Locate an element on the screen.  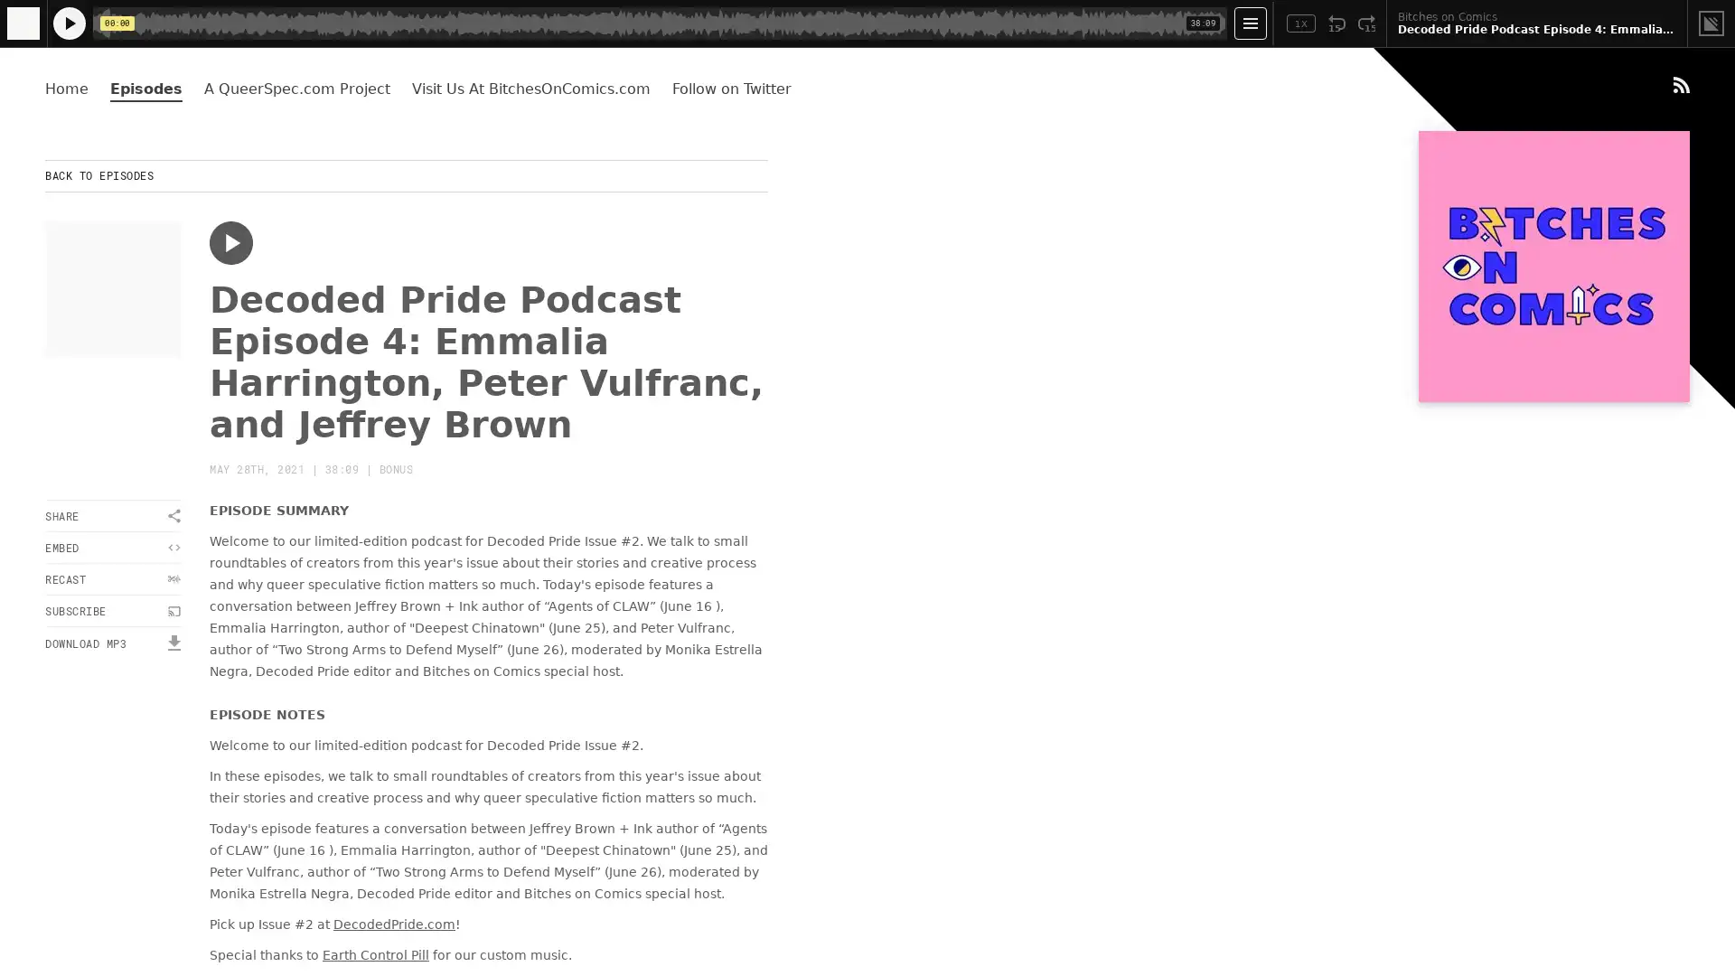
BACK TO EPISODES is located at coordinates (406, 176).